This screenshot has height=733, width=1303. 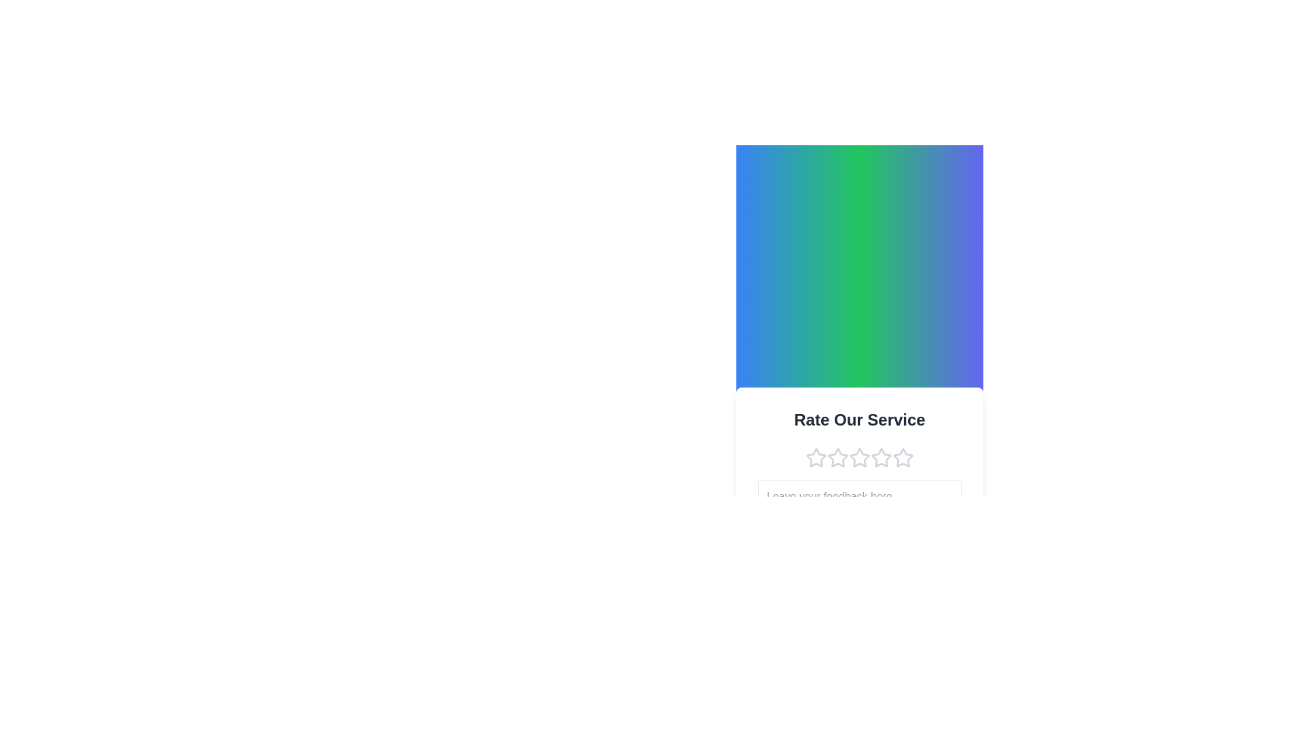 What do you see at coordinates (816, 457) in the screenshot?
I see `the first star icon in the rating control below the text 'Rate Our Service' to give a single-star rating` at bounding box center [816, 457].